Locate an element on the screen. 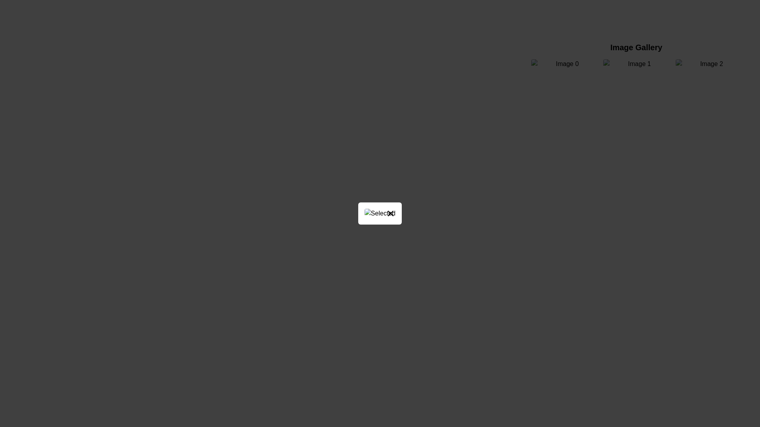  the clickable image thumbnail labeled 'Image 2' is located at coordinates (708, 64).